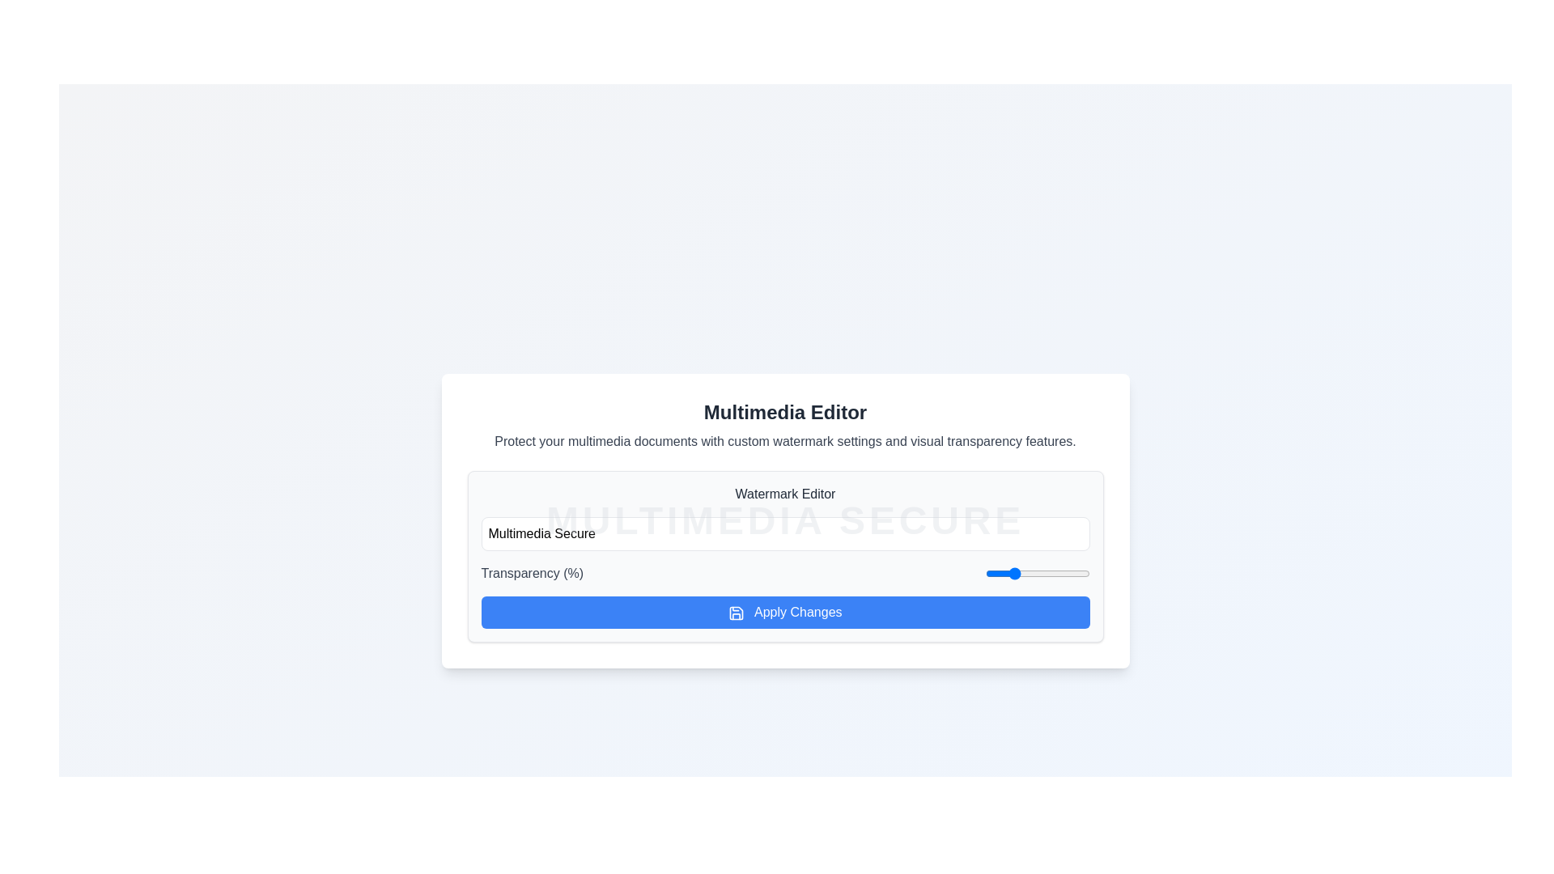  I want to click on transparency, so click(984, 573).